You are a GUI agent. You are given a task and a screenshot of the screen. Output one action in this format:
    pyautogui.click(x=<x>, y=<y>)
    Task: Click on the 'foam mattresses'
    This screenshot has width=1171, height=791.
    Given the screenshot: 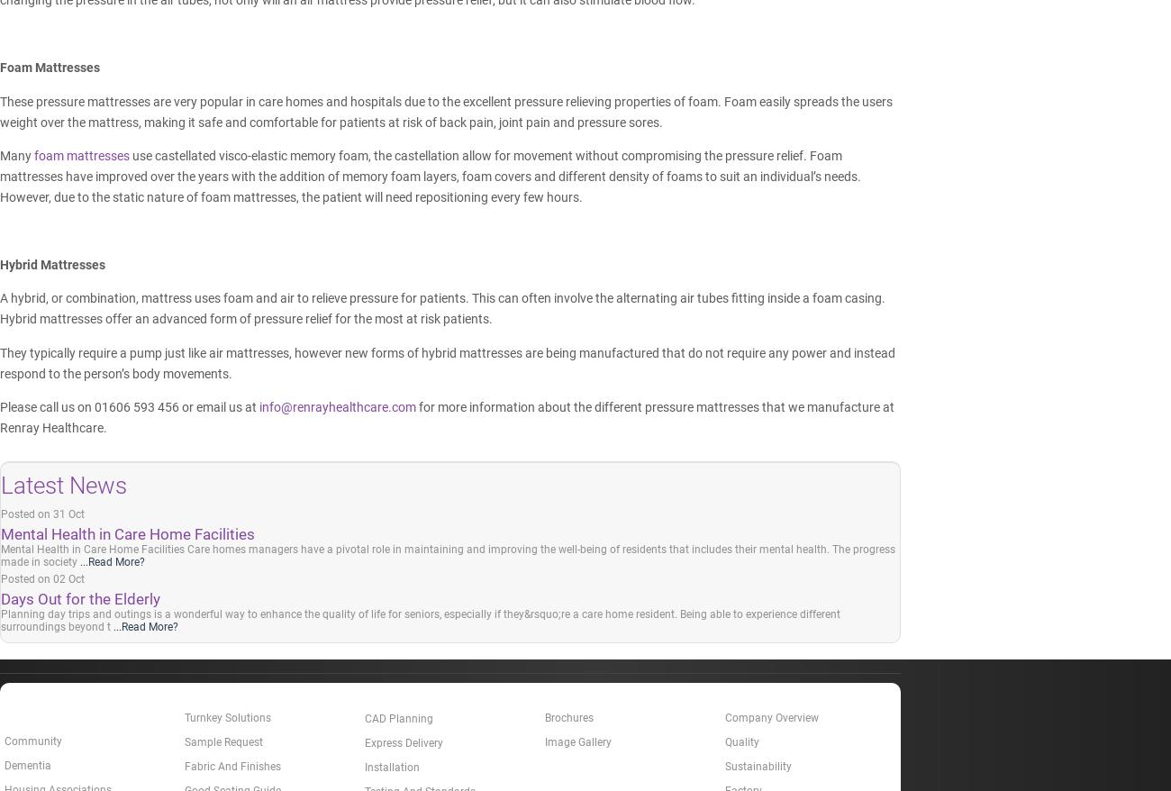 What is the action you would take?
    pyautogui.click(x=82, y=155)
    